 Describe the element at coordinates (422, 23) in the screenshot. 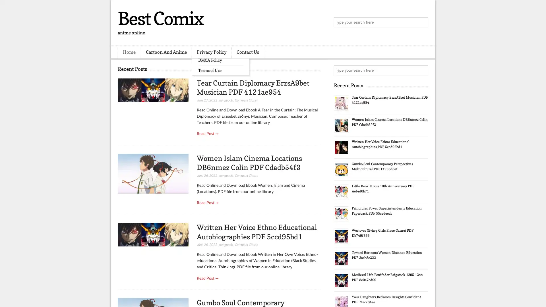

I see `Search` at that location.